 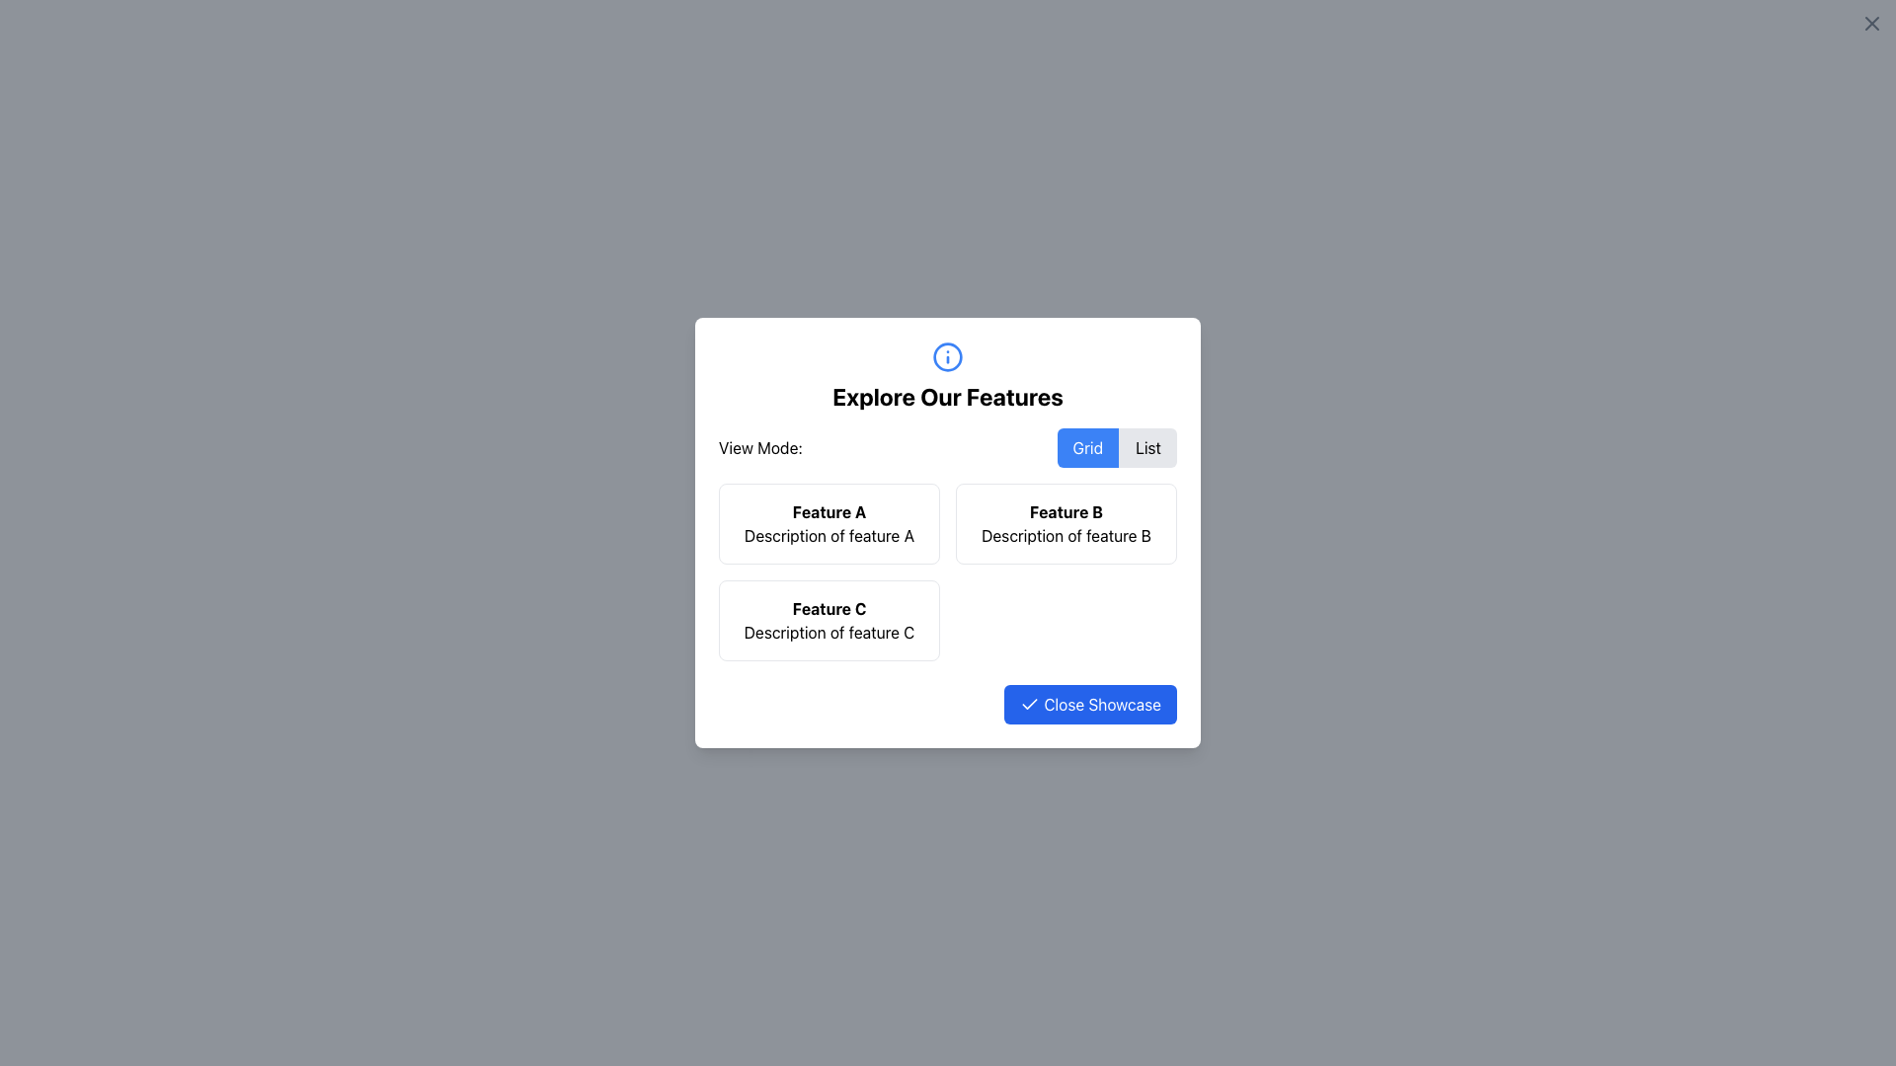 I want to click on the Information card with the bold text 'Feature B' and the description 'Description of feature B' located in the second column under 'Explore Our Features', so click(x=1066, y=523).